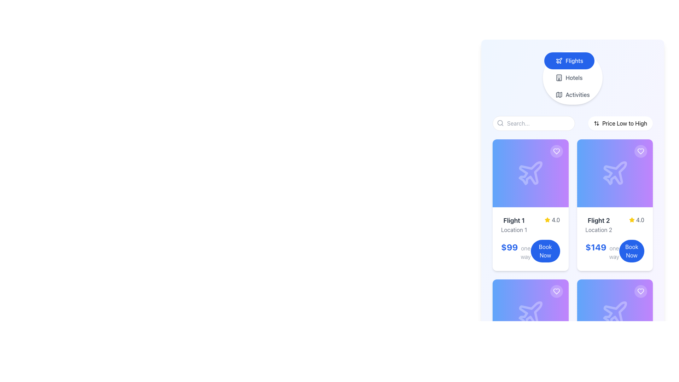 The height and width of the screenshot is (382, 679). Describe the element at coordinates (598, 230) in the screenshot. I see `the text label providing location information for 'Flight 2'` at that location.